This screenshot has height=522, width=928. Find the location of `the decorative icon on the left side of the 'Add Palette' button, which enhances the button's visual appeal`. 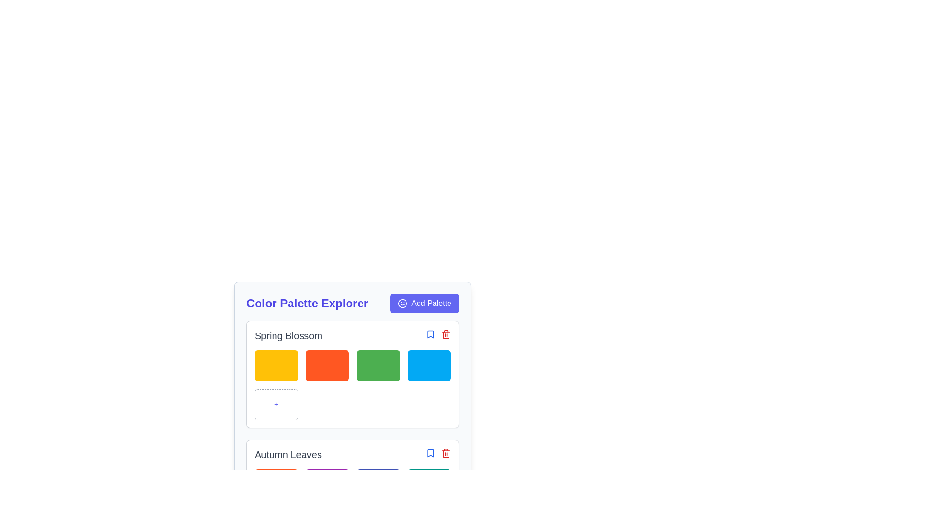

the decorative icon on the left side of the 'Add Palette' button, which enhances the button's visual appeal is located at coordinates (403, 303).